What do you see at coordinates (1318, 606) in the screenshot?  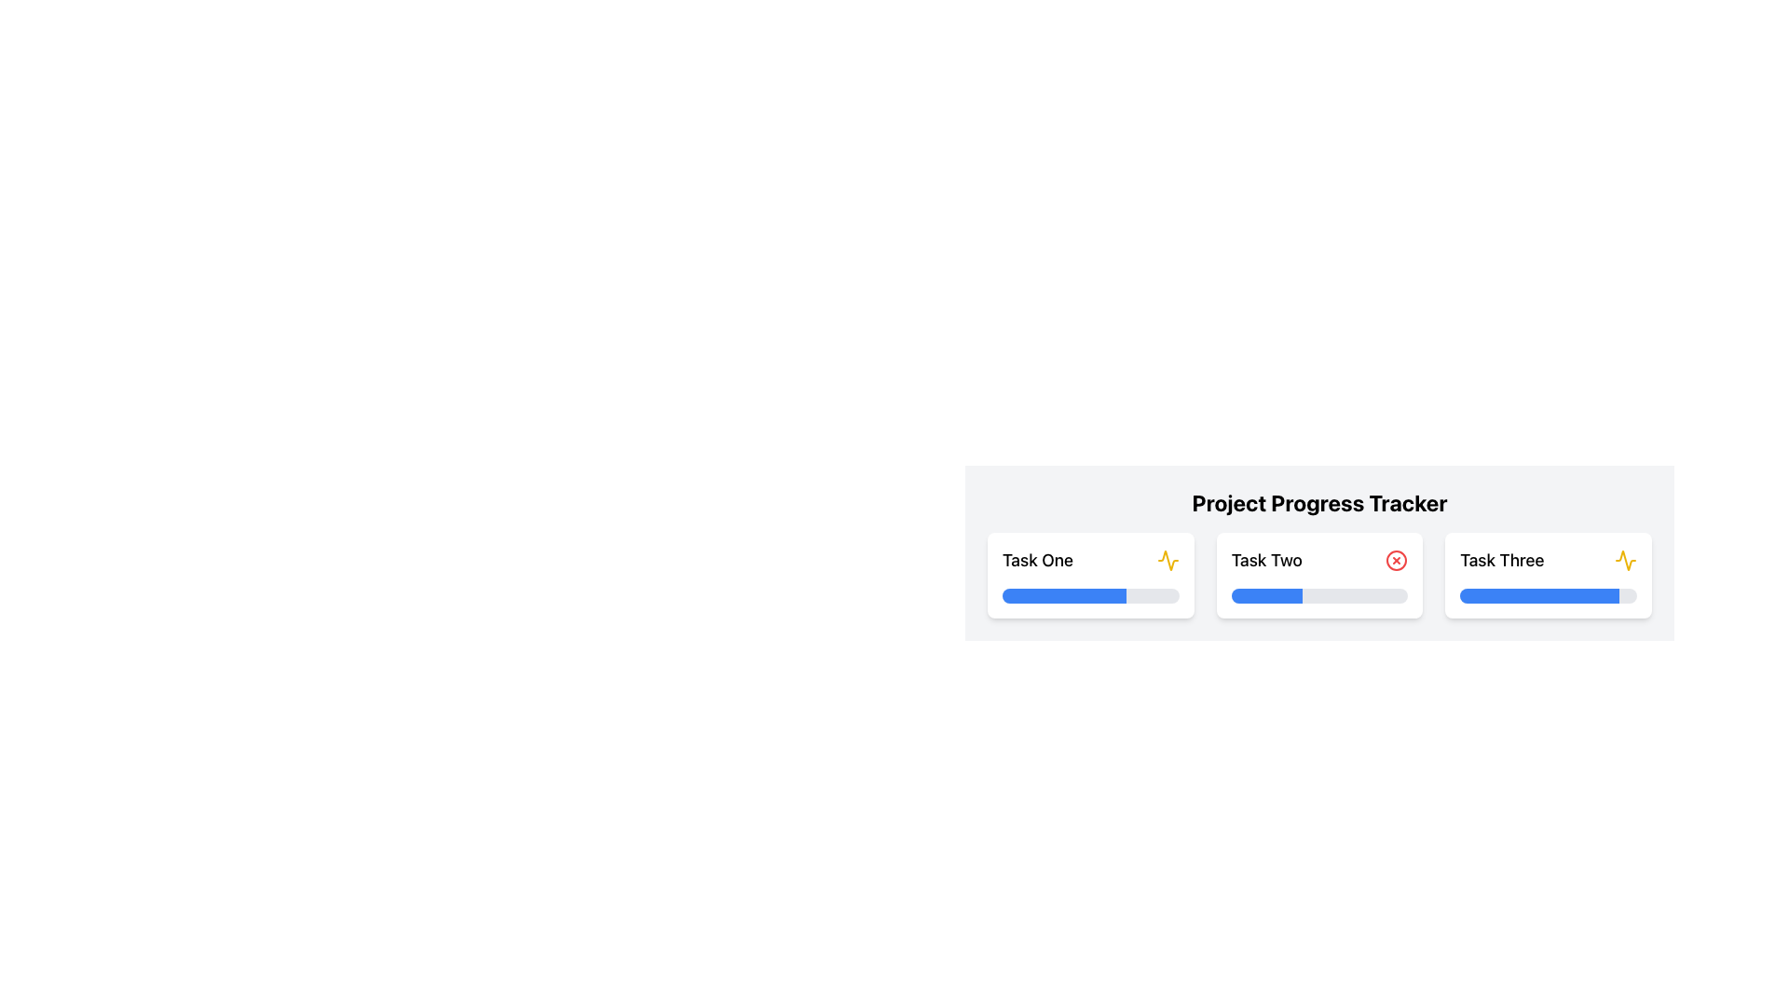 I see `the progress visually in the Progress Tracker Section, which is located centrally under the title 'Project Progress Tracker'` at bounding box center [1318, 606].